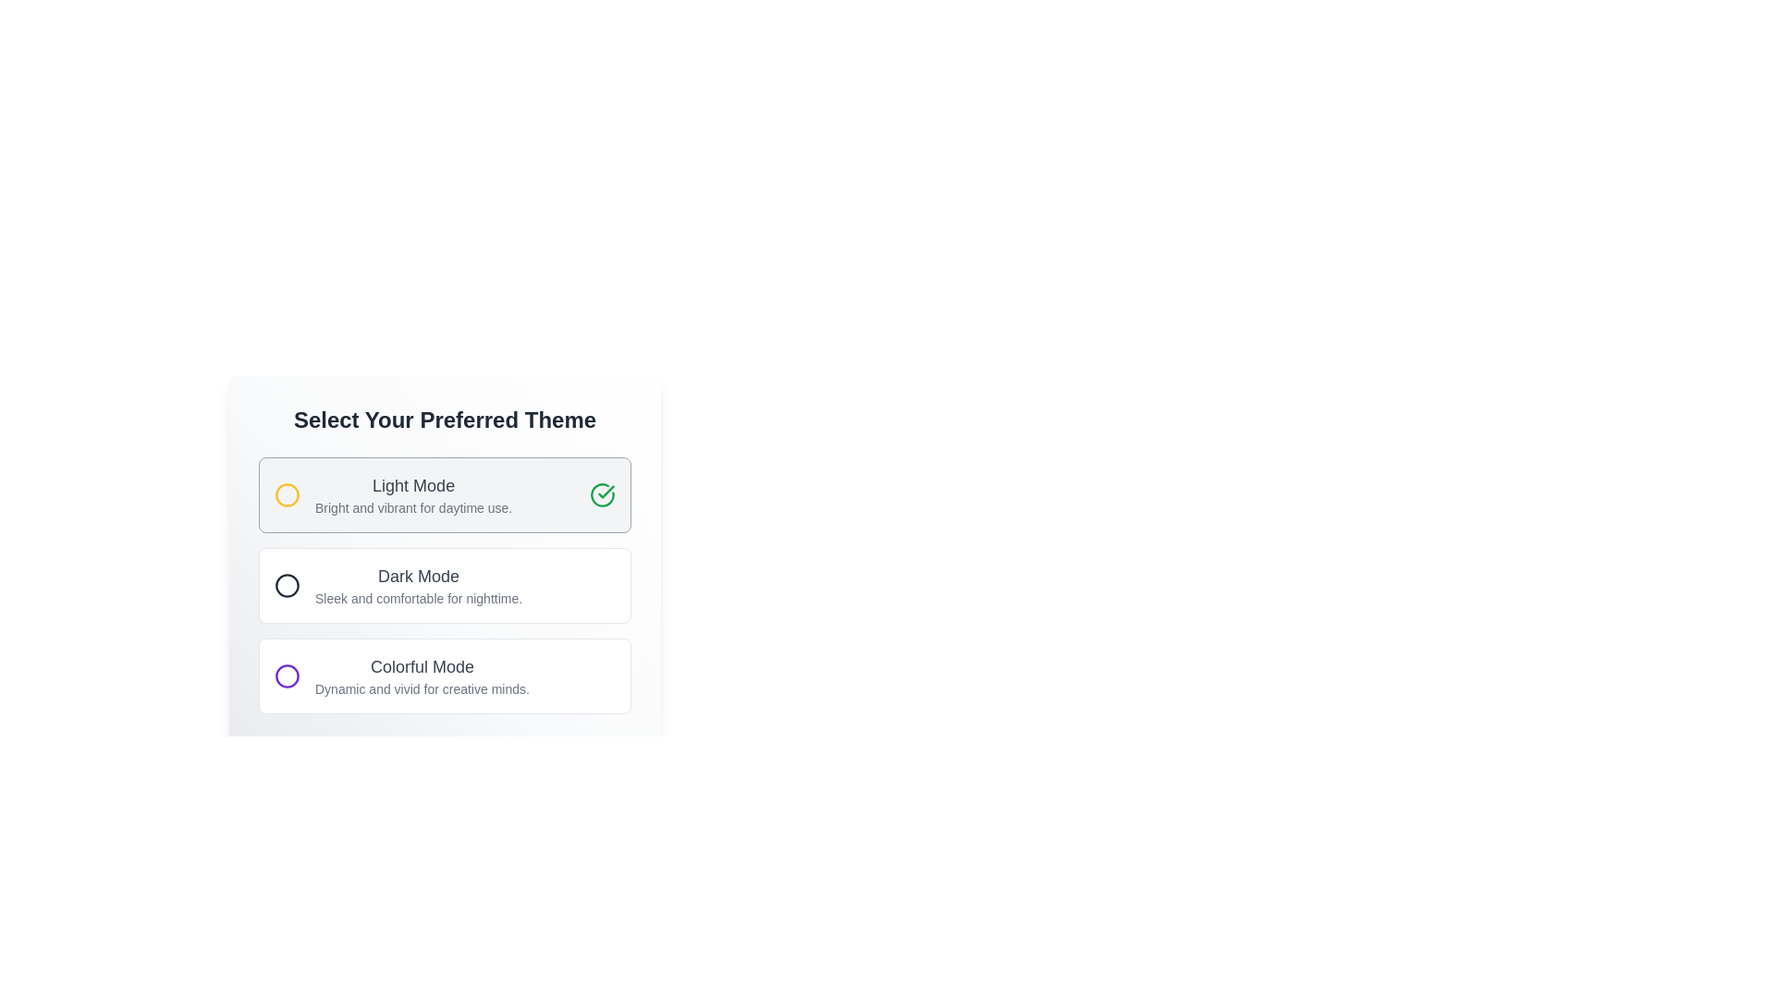 This screenshot has height=998, width=1775. What do you see at coordinates (421, 676) in the screenshot?
I see `the 'Colorful Mode' theme option, which is the third selectable theme option in the list, providing dynamic and vivid theme information` at bounding box center [421, 676].